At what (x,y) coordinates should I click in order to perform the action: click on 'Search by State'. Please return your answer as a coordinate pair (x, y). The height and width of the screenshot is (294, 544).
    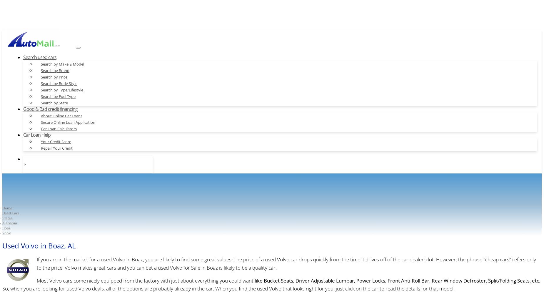
    Looking at the image, I should click on (54, 102).